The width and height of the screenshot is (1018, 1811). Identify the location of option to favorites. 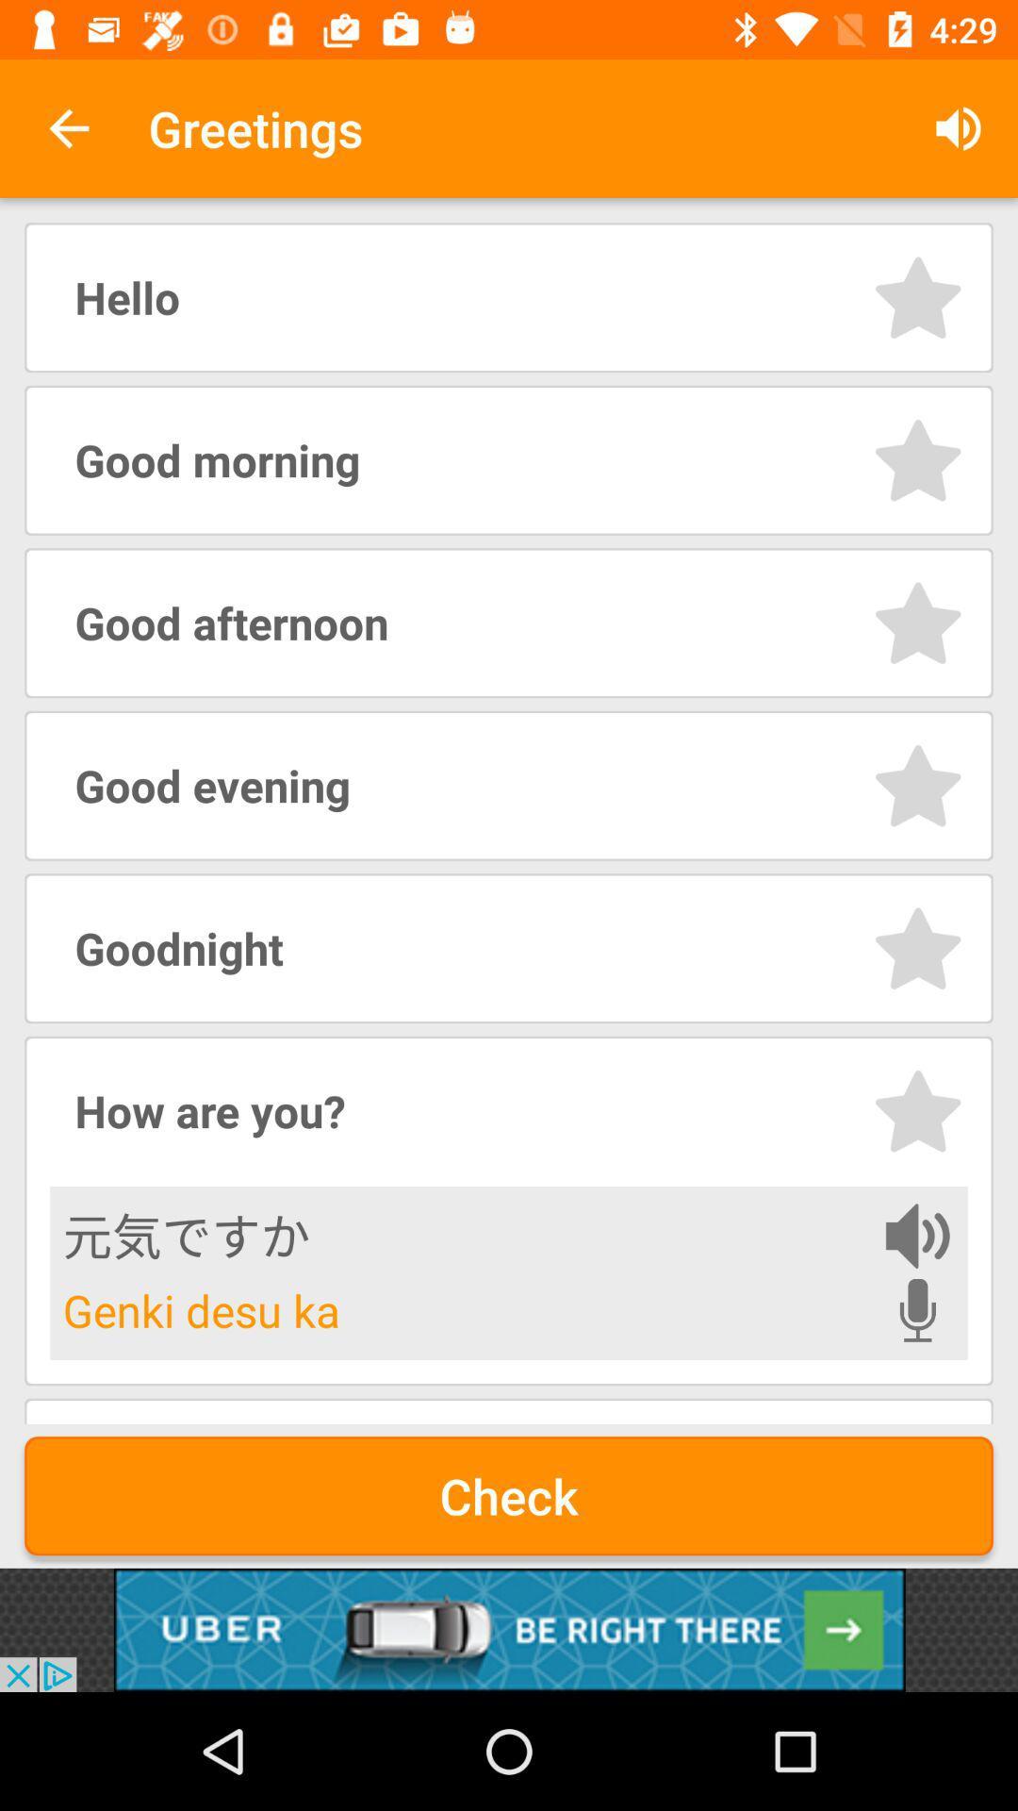
(917, 623).